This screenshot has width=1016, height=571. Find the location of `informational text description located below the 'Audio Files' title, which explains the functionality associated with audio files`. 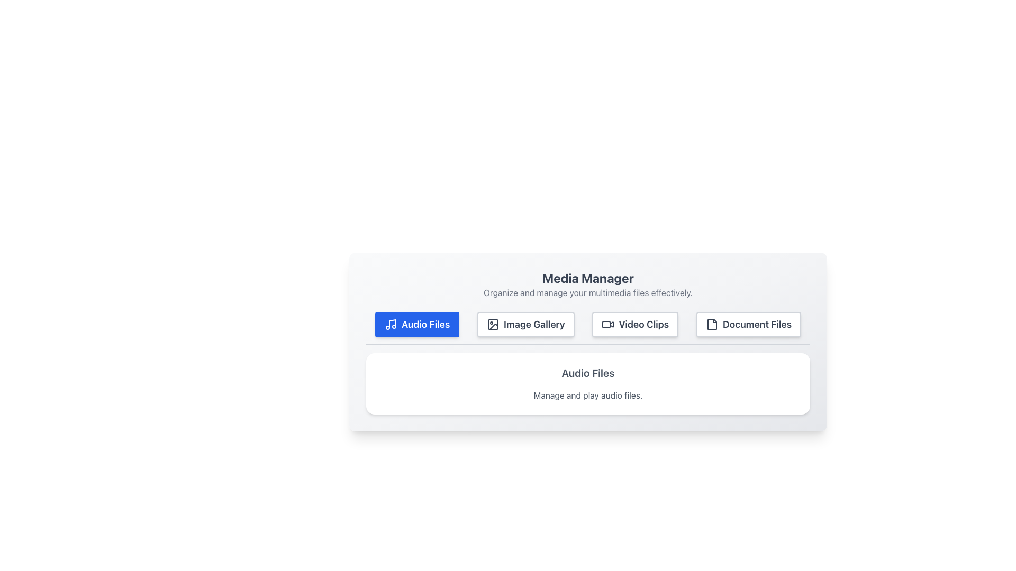

informational text description located below the 'Audio Files' title, which explains the functionality associated with audio files is located at coordinates (587, 395).